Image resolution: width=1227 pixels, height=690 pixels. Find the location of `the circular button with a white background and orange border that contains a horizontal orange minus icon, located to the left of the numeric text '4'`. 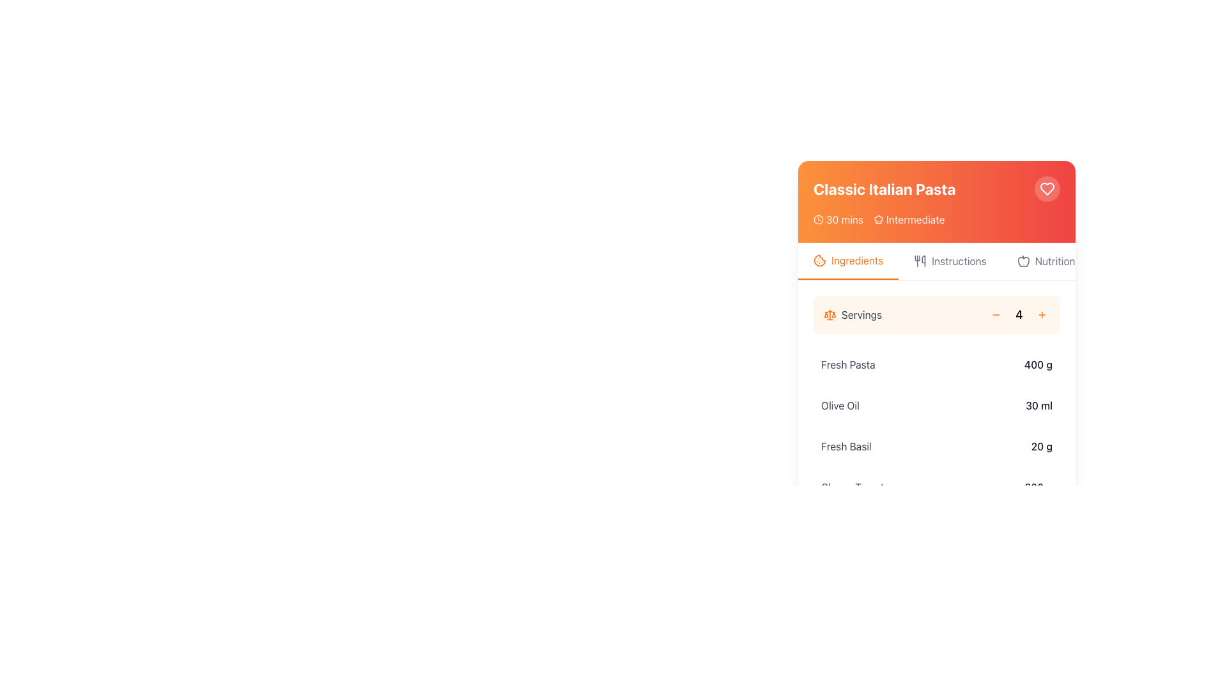

the circular button with a white background and orange border that contains a horizontal orange minus icon, located to the left of the numeric text '4' is located at coordinates (996, 315).